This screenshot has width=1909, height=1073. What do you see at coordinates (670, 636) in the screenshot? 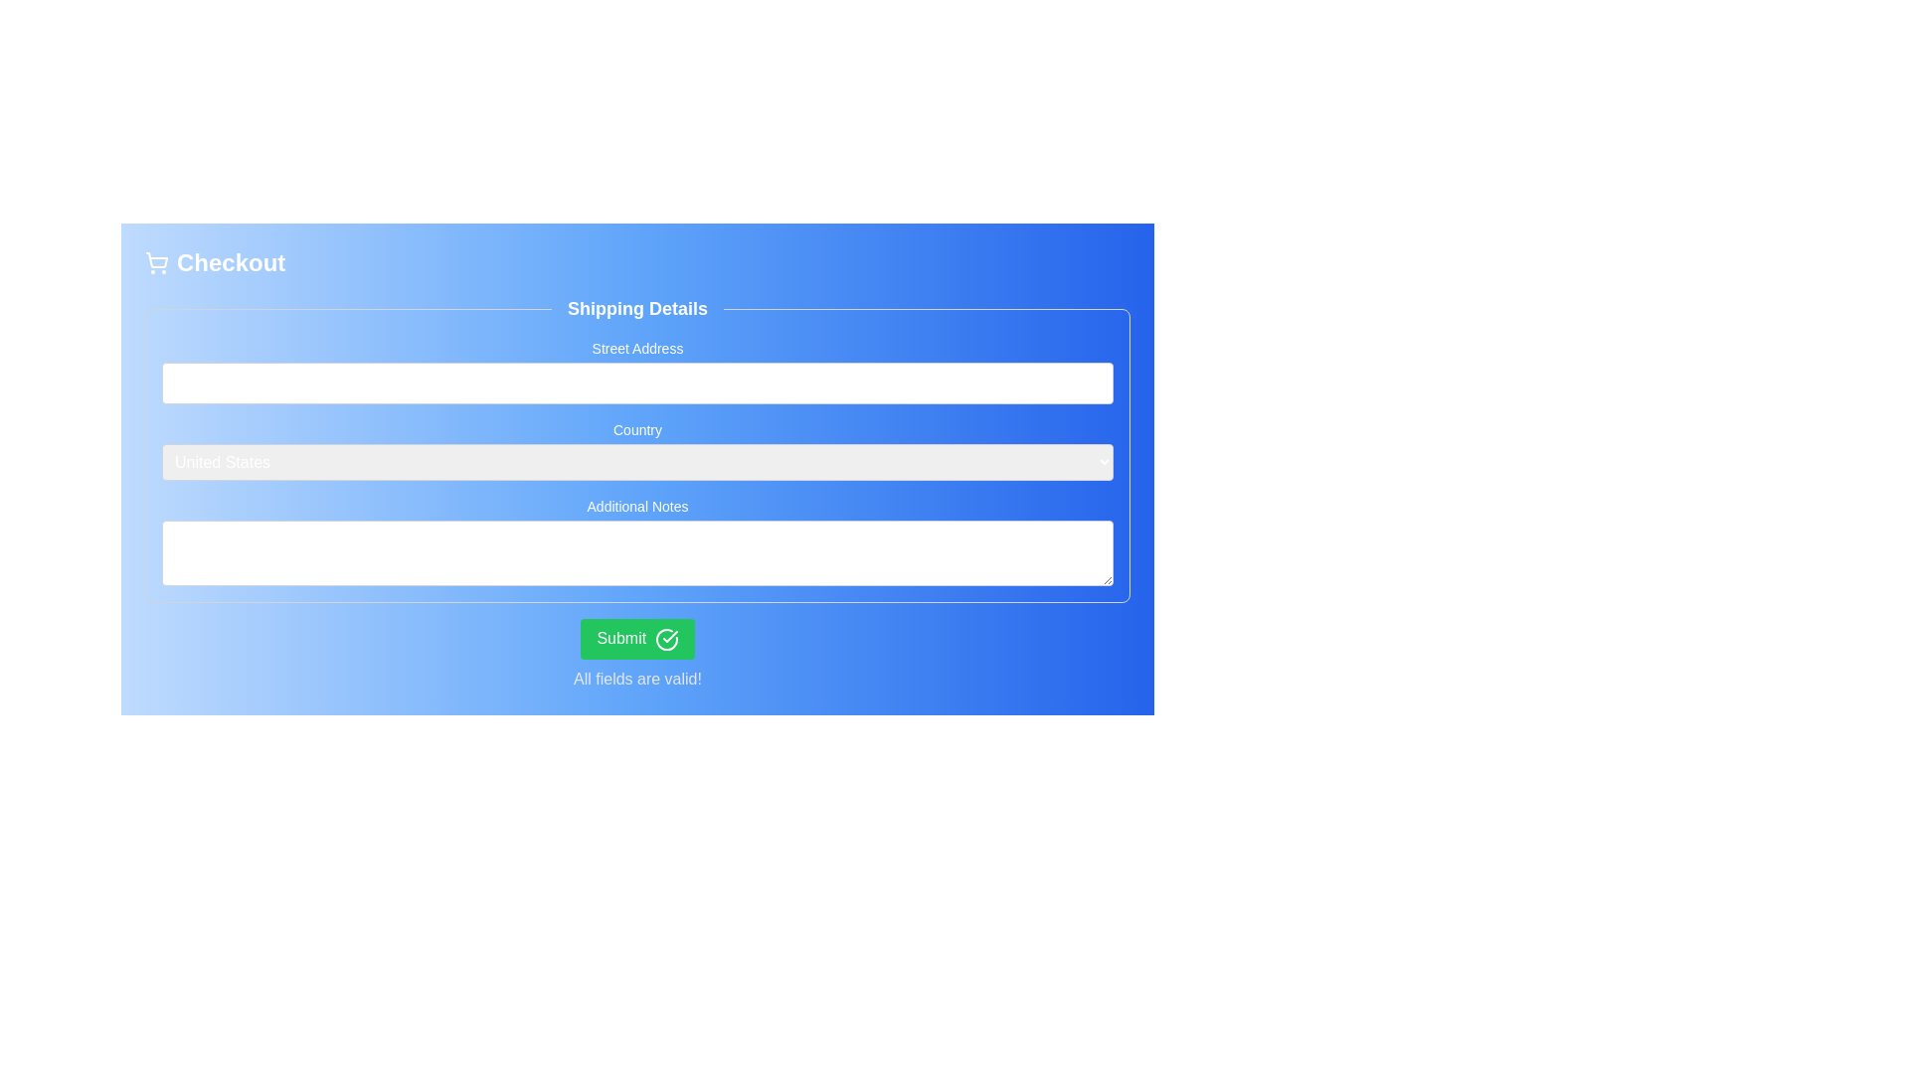
I see `the white checkmark icon located to the right of the 'Submit' button, which is at the bottom center of the interface and indicates that all fields are valid` at bounding box center [670, 636].